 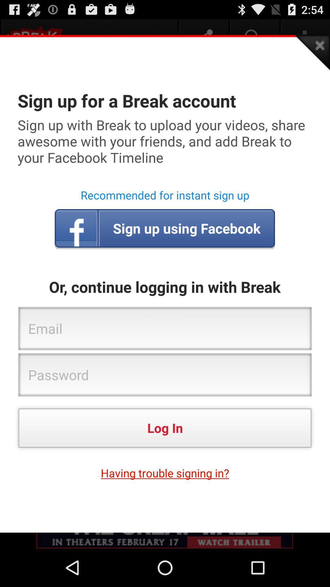 I want to click on the app above the having trouble signing item, so click(x=165, y=427).